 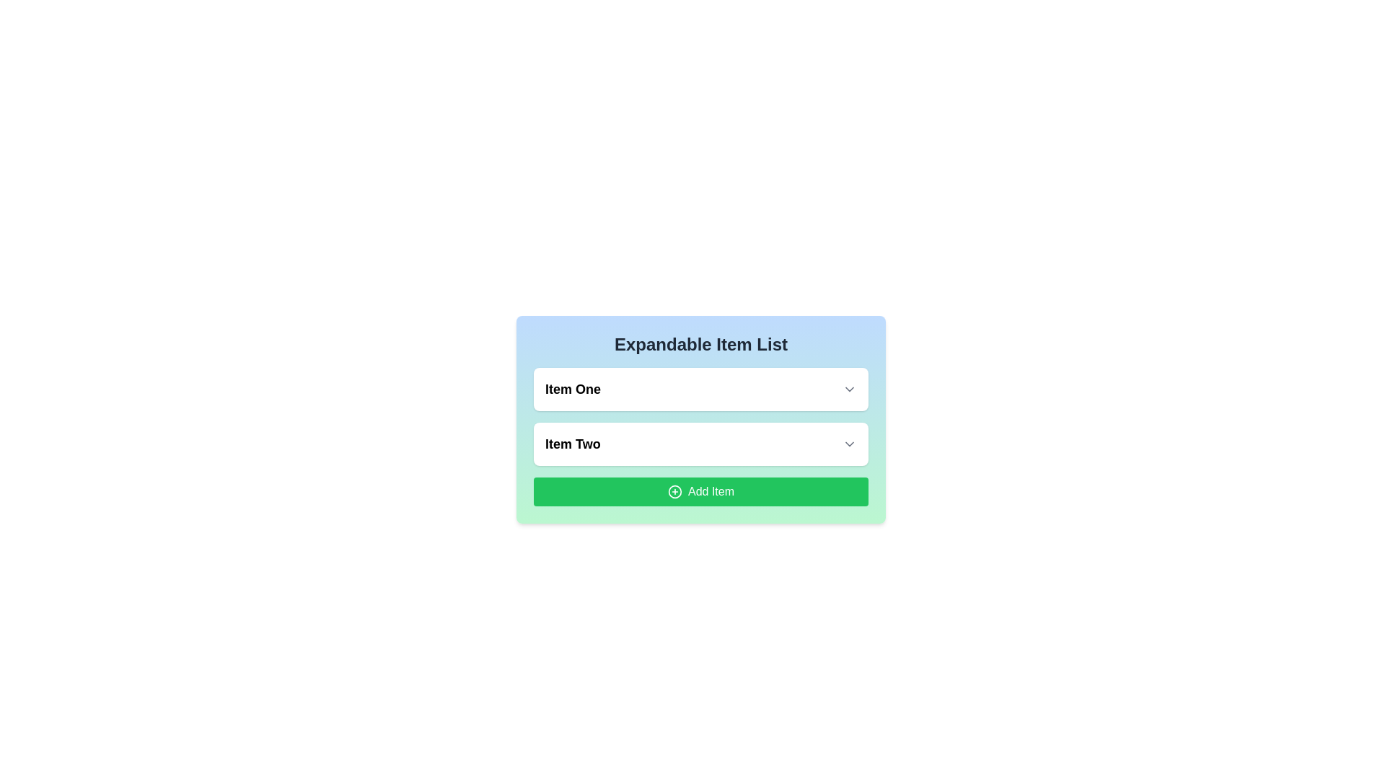 What do you see at coordinates (700, 389) in the screenshot?
I see `the Dropdown list item labeled 'Item One'` at bounding box center [700, 389].